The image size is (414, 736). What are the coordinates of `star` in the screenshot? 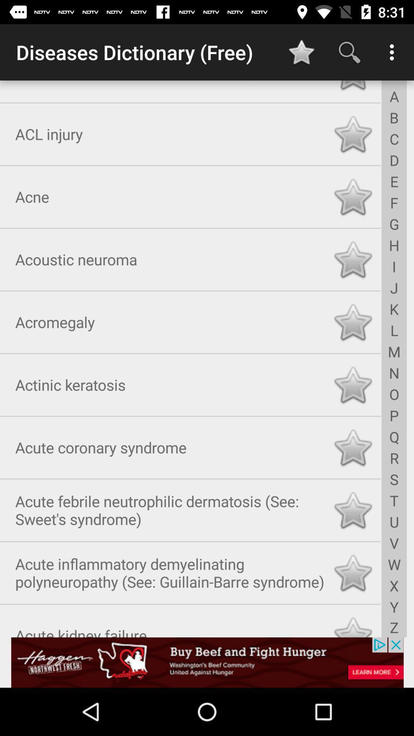 It's located at (353, 572).